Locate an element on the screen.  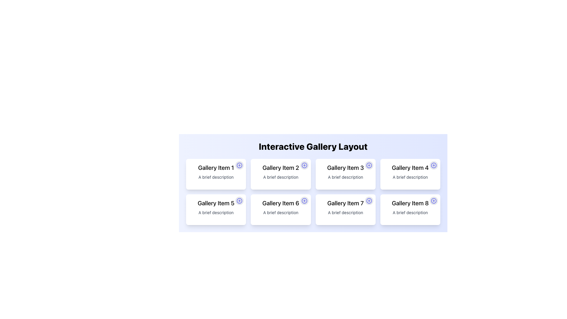
descriptive text label located directly beneath 'Gallery Item 3' in the card-like structure of the gallery layout is located at coordinates (346, 177).